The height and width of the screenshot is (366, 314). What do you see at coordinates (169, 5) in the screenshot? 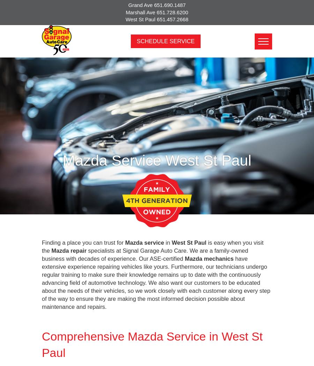
I see `'651.690.1487'` at bounding box center [169, 5].